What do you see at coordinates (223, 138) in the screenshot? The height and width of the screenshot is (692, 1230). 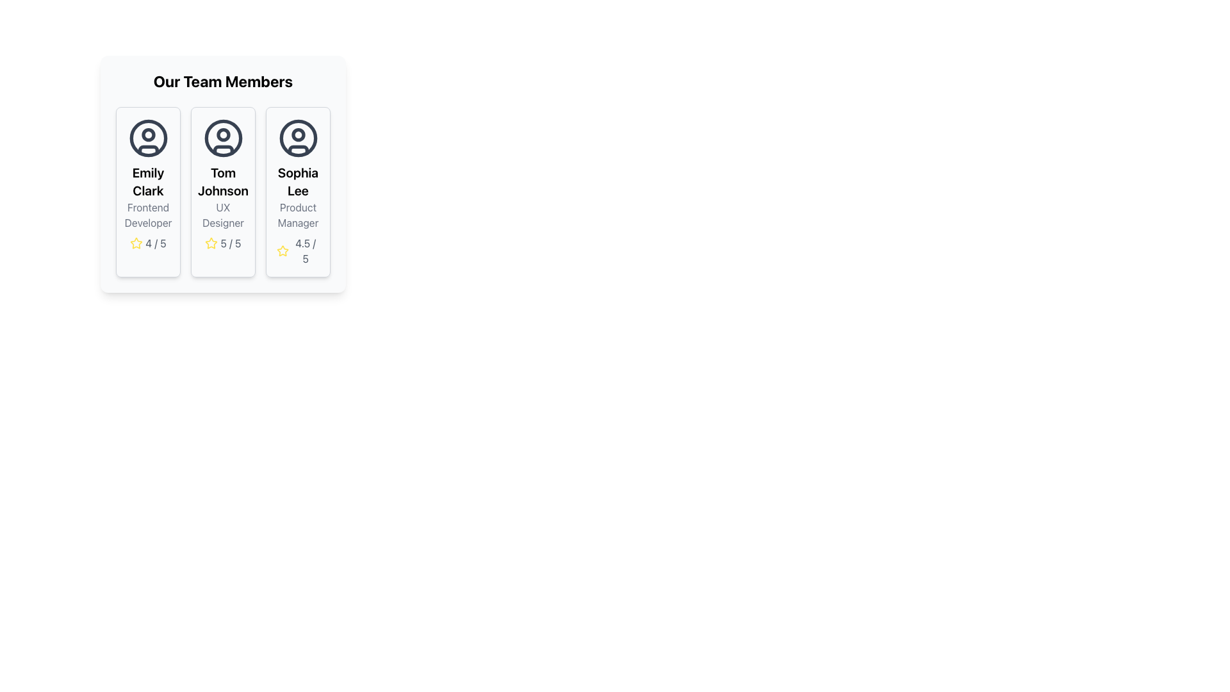 I see `the user's profile avatar icon, which is a dark gray vector illustration located above the label 'Tom Johnson' in the second card of a horizontally aligned list of three cards` at bounding box center [223, 138].